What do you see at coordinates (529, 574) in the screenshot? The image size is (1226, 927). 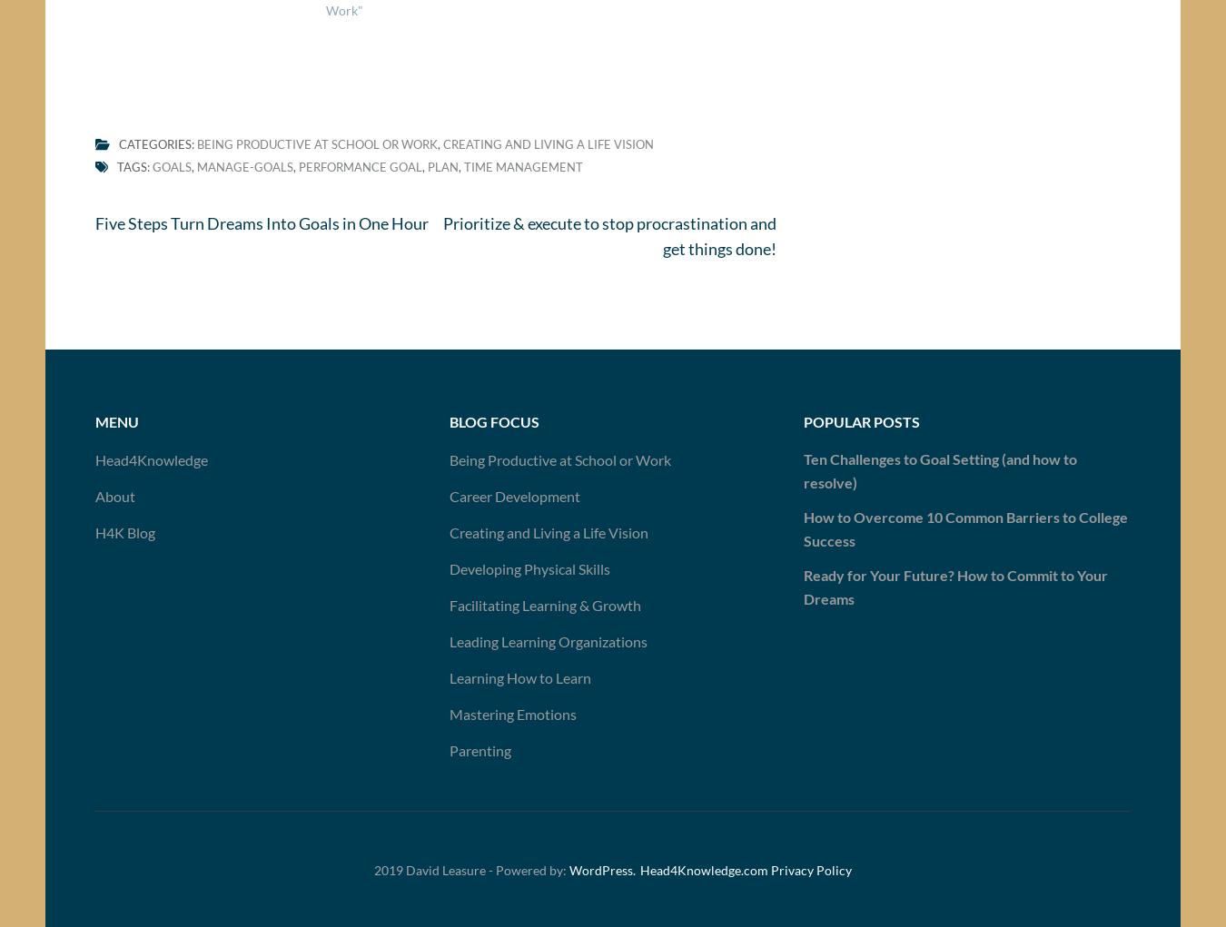 I see `'Developing Physical Skills'` at bounding box center [529, 574].